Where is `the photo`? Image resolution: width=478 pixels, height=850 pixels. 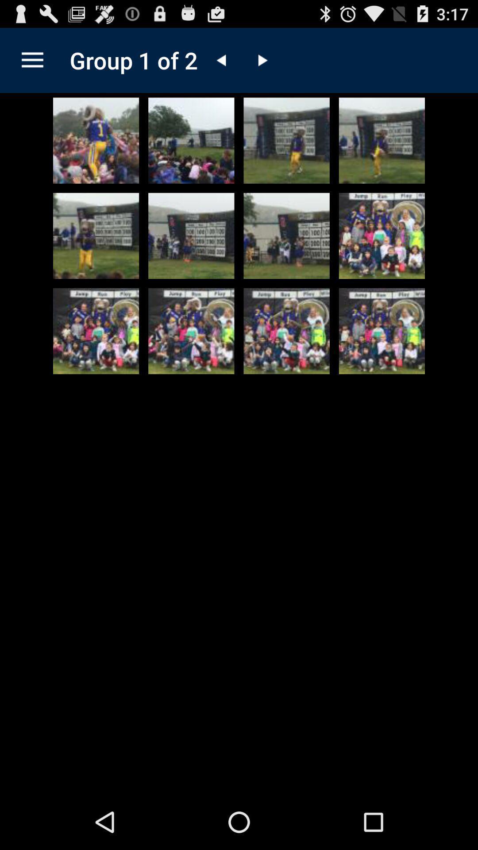 the photo is located at coordinates (381, 140).